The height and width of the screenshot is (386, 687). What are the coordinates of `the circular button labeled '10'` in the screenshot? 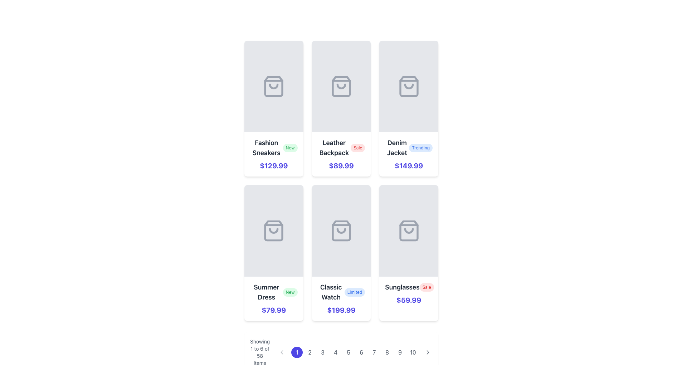 It's located at (413, 352).